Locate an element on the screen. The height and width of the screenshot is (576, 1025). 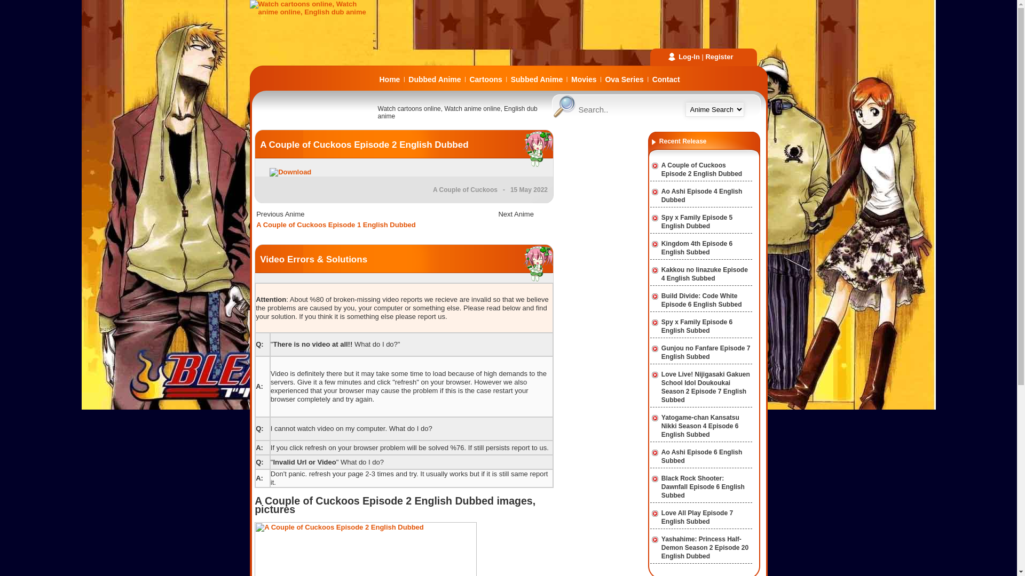
'Register' is located at coordinates (719, 57).